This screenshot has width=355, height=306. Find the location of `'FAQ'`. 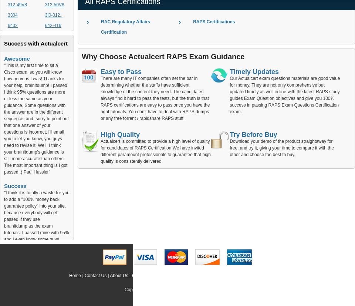

'FAQ' is located at coordinates (135, 275).